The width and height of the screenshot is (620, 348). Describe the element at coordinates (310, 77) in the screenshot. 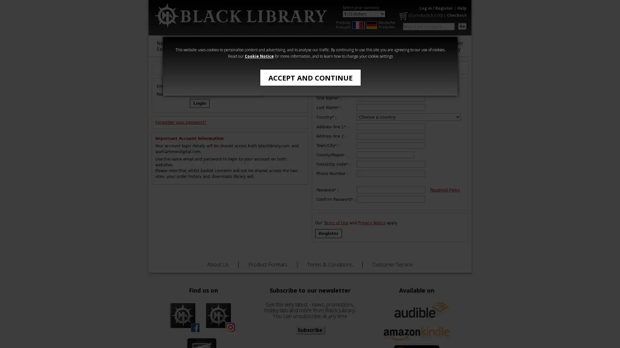

I see `ACCEPT AND CONTINUE` at that location.